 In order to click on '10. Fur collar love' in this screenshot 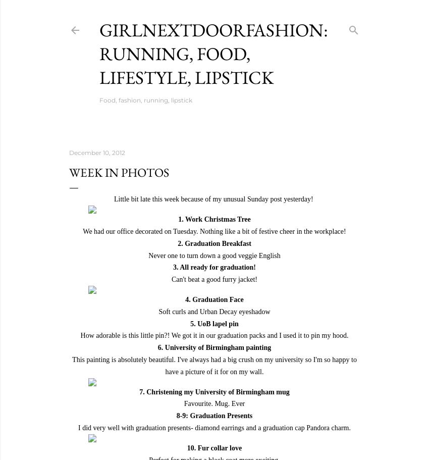, I will do `click(214, 447)`.